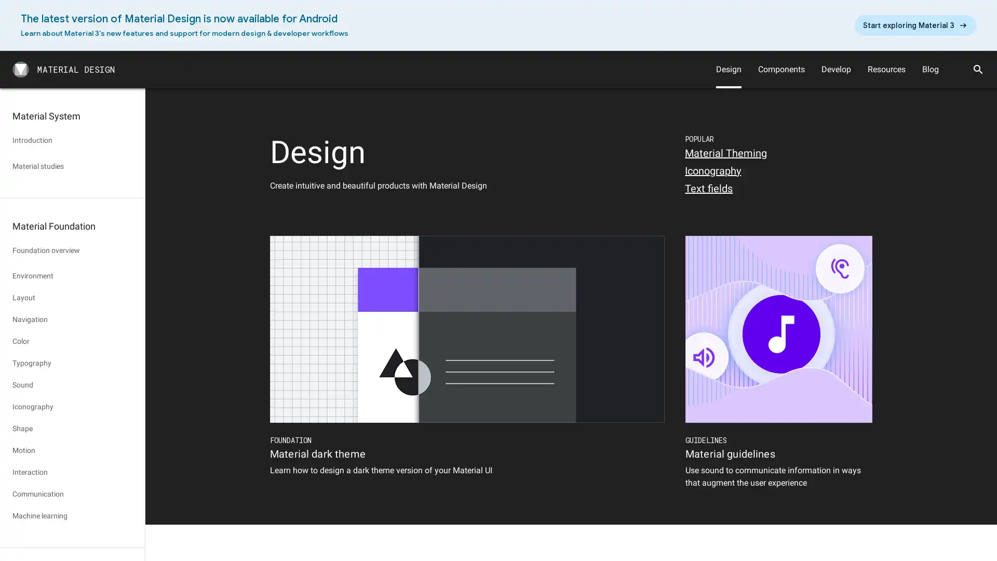  What do you see at coordinates (915, 25) in the screenshot?
I see `arrow_right_alt` at bounding box center [915, 25].